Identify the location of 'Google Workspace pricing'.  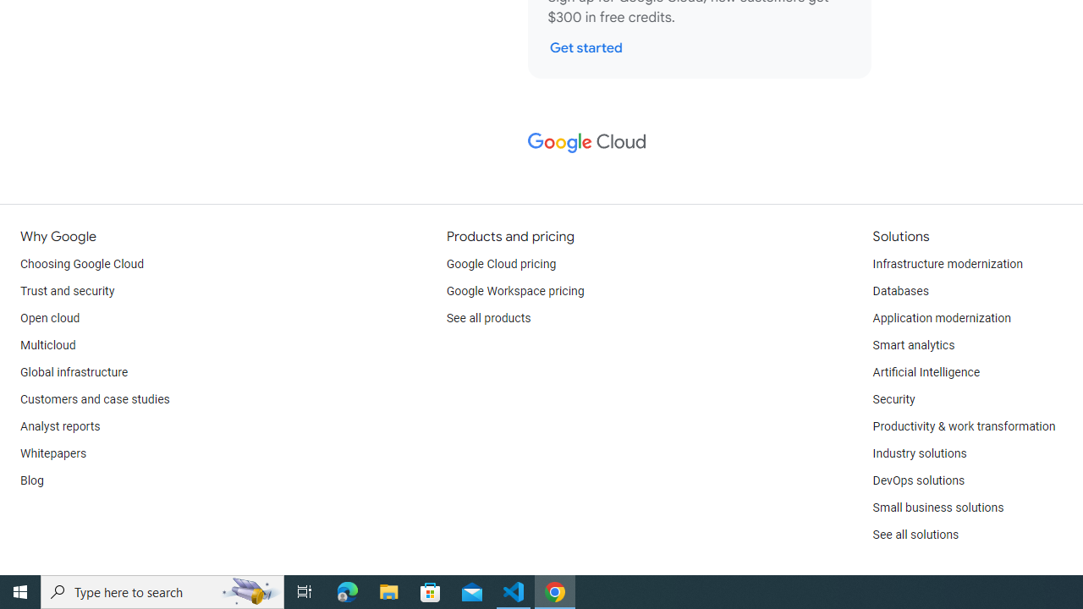
(514, 290).